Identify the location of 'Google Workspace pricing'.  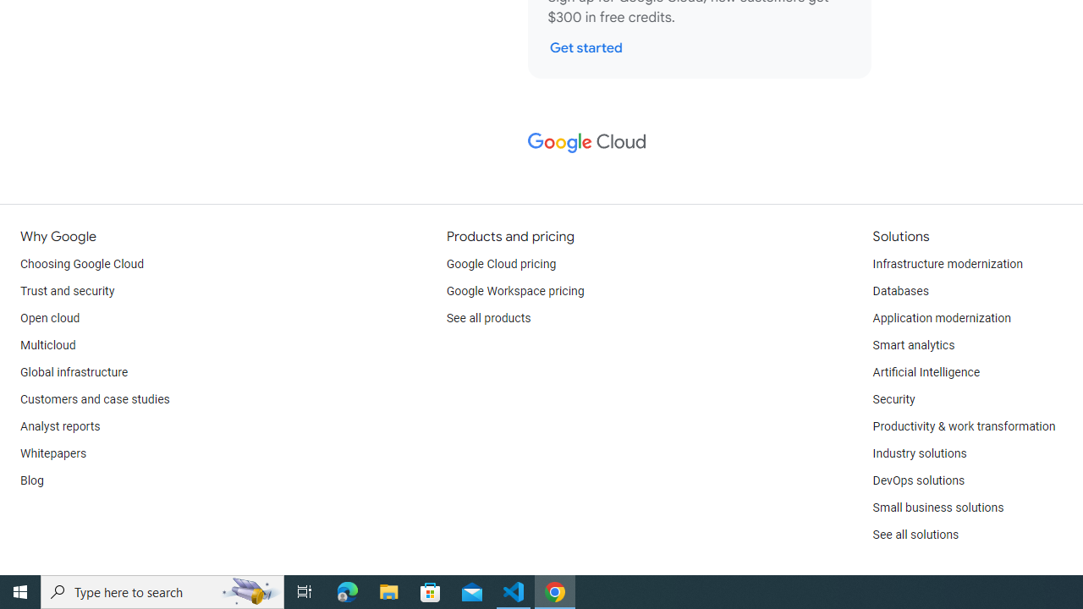
(514, 290).